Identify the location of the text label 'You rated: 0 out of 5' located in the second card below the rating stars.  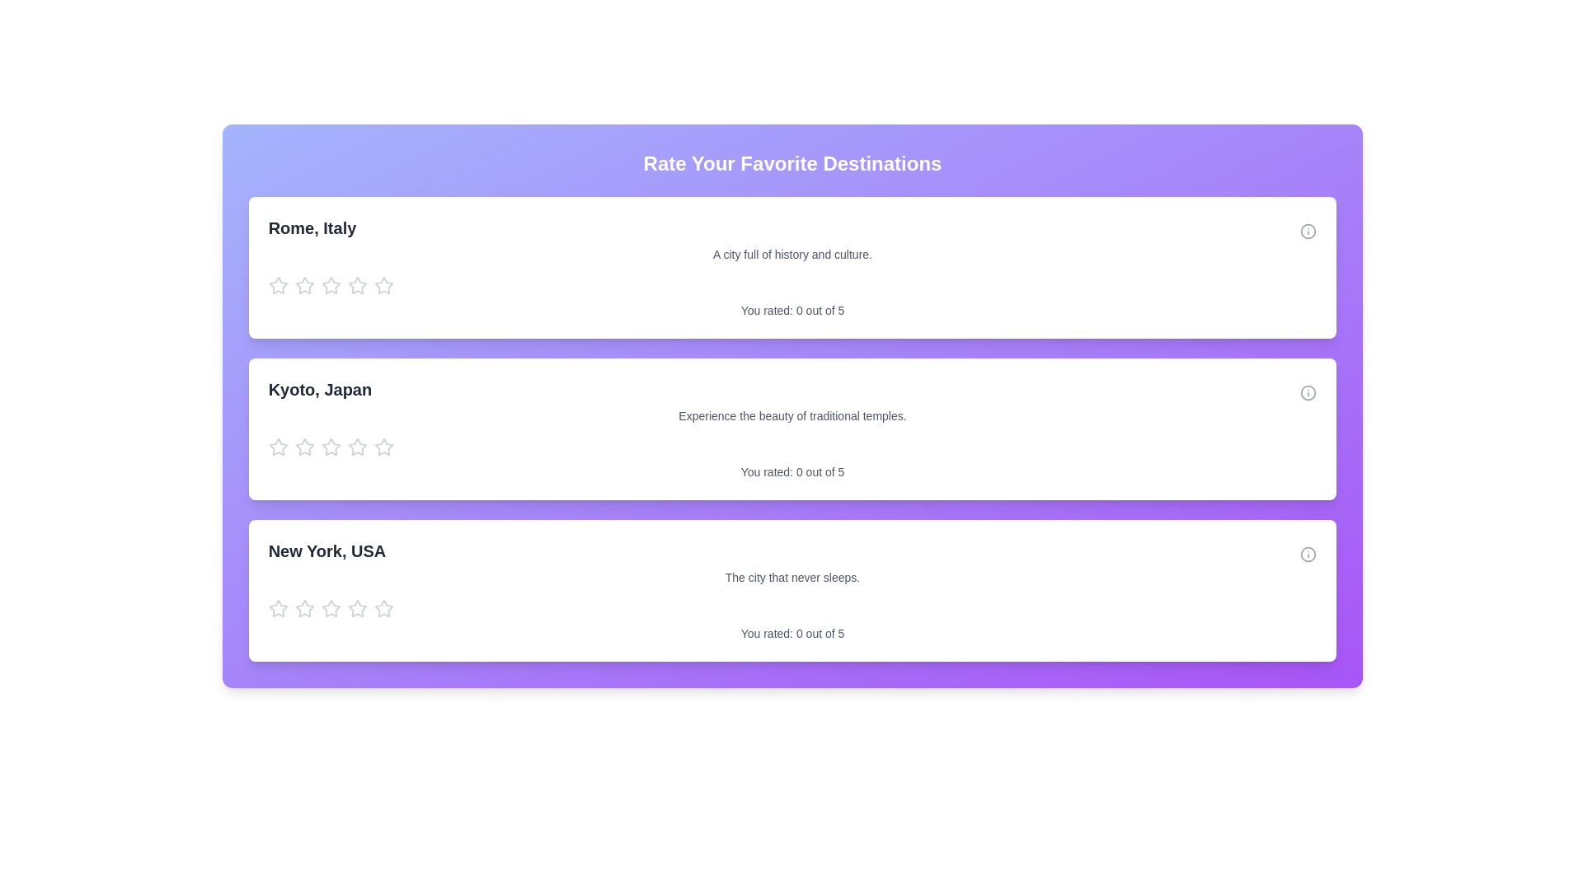
(792, 472).